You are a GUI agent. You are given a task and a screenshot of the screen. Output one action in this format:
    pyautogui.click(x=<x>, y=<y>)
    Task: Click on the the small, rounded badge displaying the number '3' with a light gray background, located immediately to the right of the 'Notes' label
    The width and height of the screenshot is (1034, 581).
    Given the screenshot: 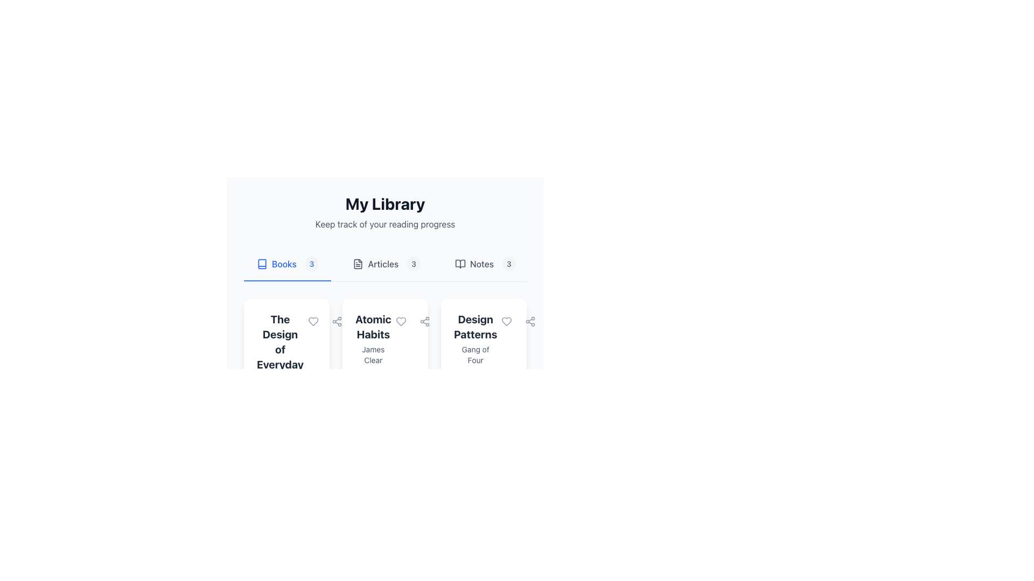 What is the action you would take?
    pyautogui.click(x=508, y=264)
    